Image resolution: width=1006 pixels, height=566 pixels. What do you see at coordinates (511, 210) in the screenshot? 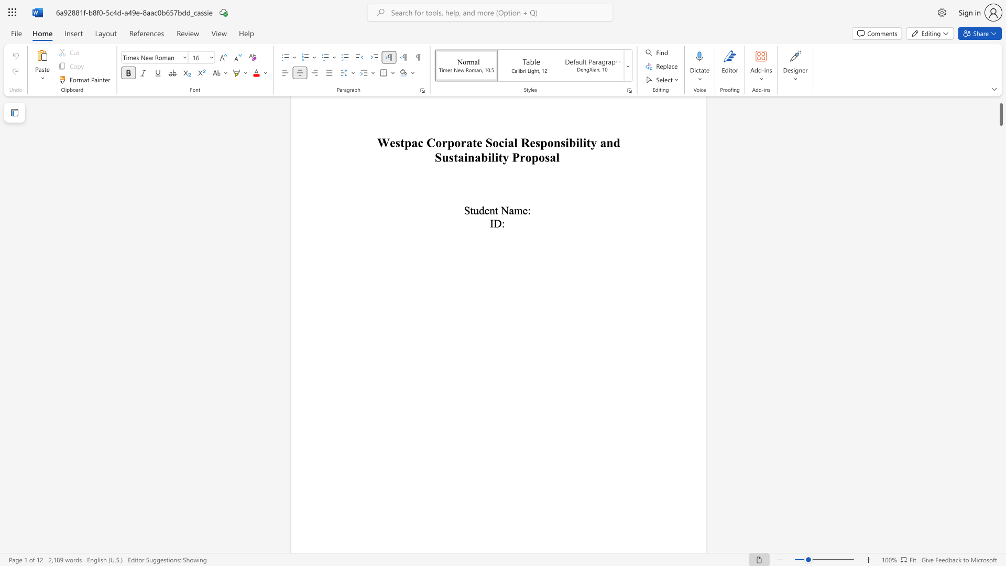
I see `the 1th character "a" in the text` at bounding box center [511, 210].